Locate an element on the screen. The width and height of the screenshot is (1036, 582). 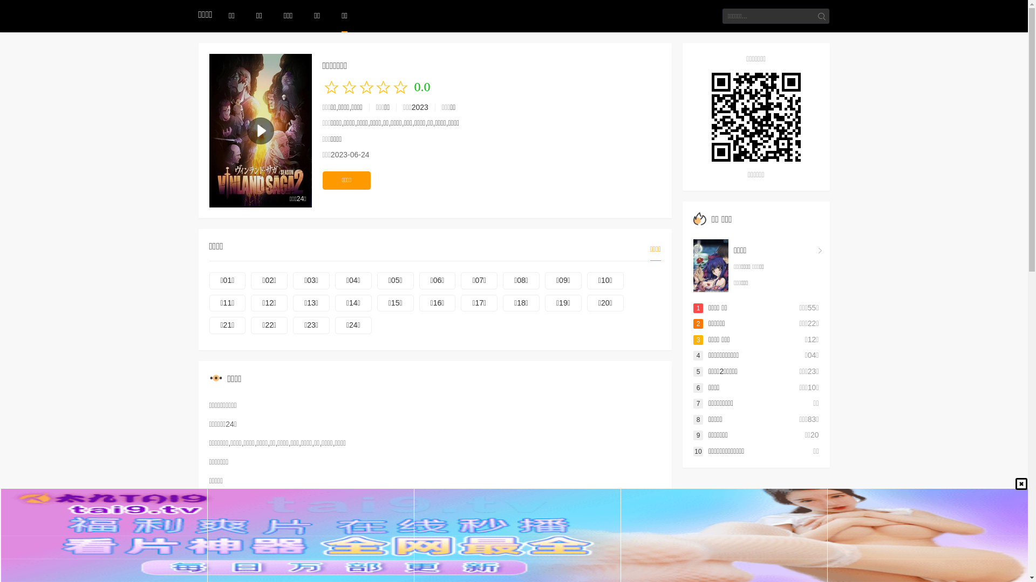
'2023' is located at coordinates (411, 107).